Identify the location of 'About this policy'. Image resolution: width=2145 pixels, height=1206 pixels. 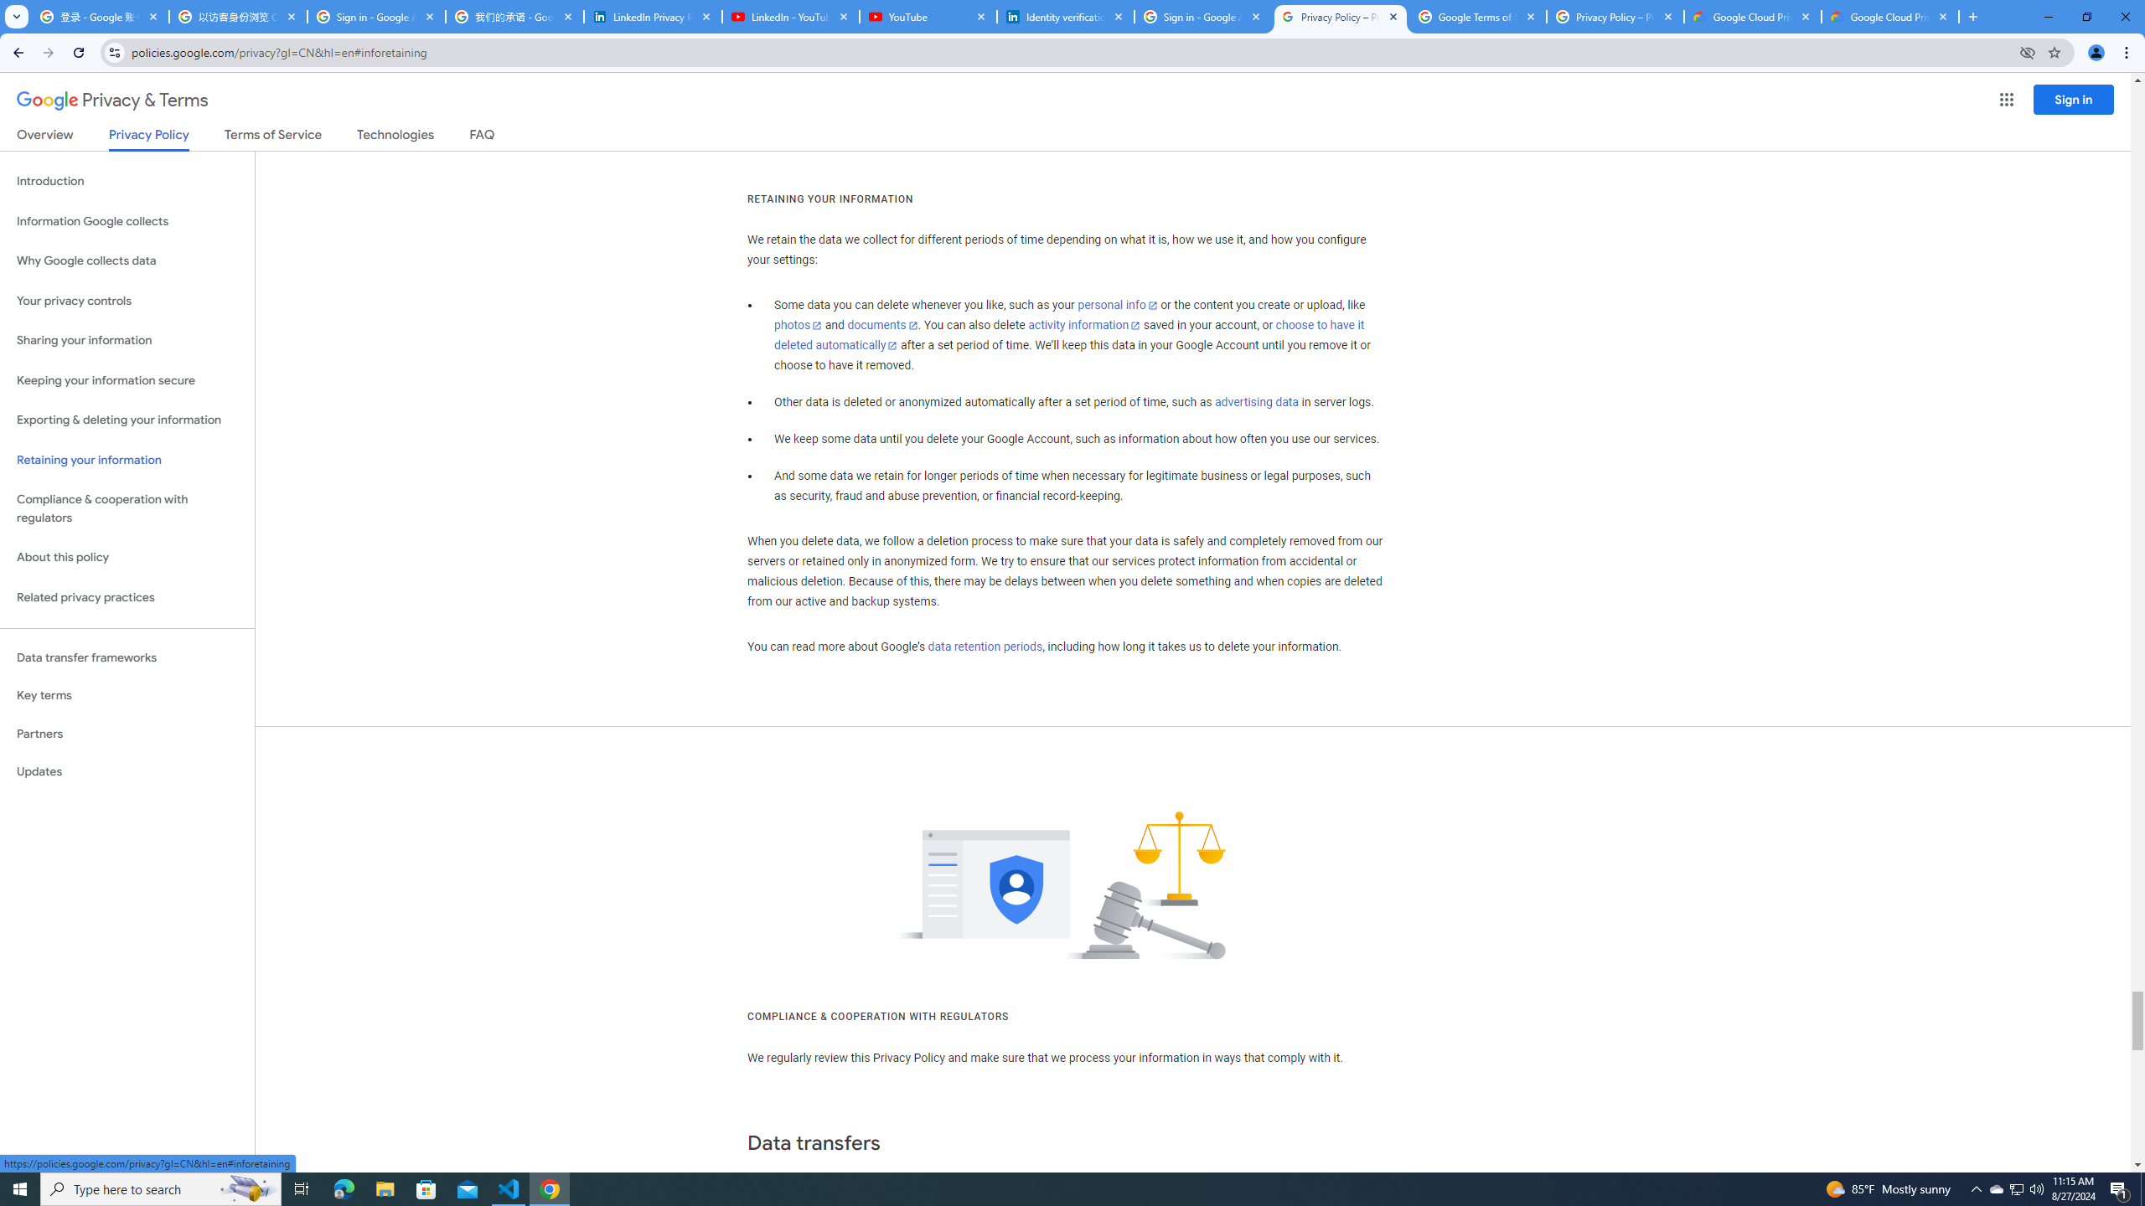
(127, 558).